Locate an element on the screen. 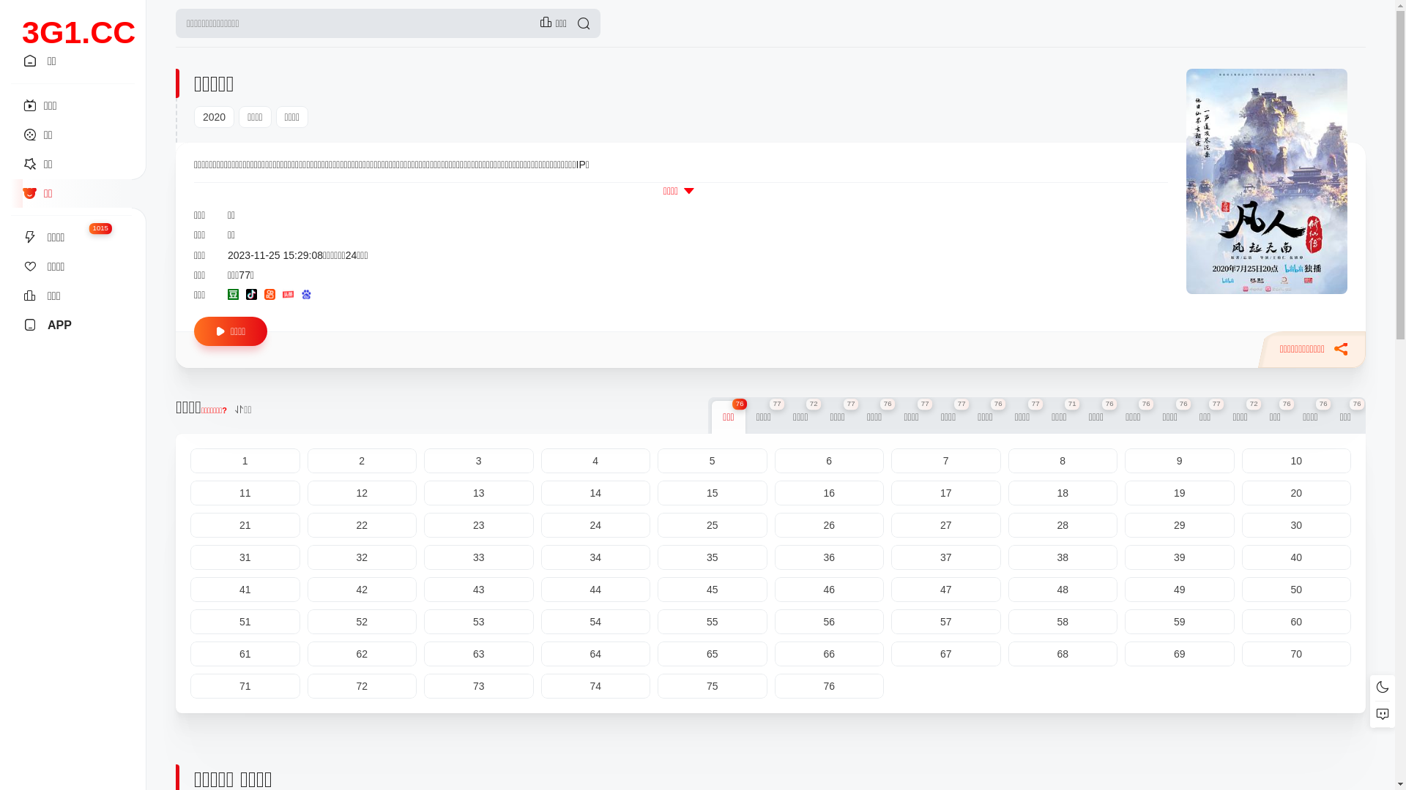  '41' is located at coordinates (245, 589).